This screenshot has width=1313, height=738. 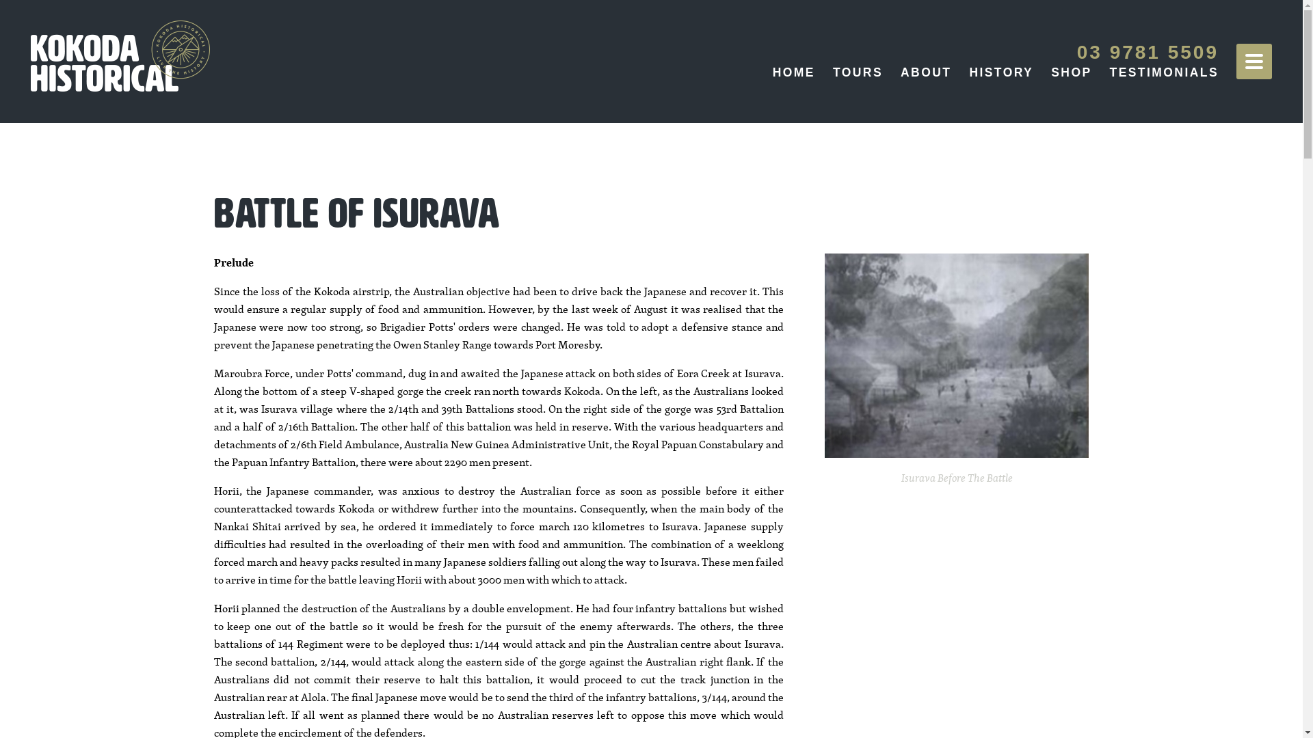 I want to click on 'Isurava Before The Battle', so click(x=956, y=355).